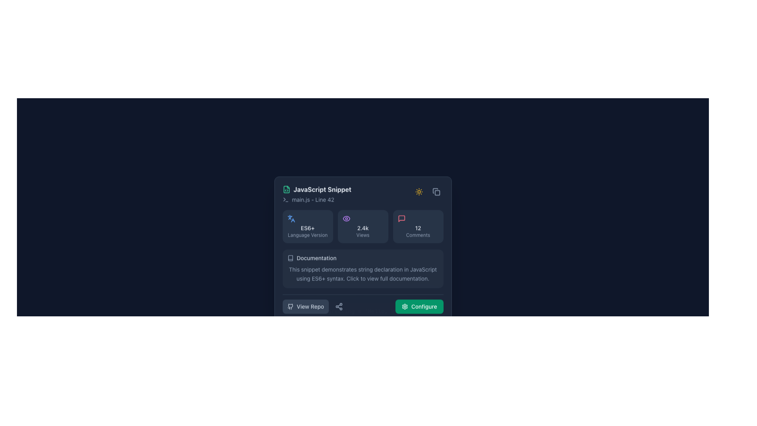 Image resolution: width=757 pixels, height=426 pixels. I want to click on the Scalable Vector Graphic (SVG) located at the top-right portion of the UI card, which serves as a visual indicator for chat or comment features, so click(401, 219).